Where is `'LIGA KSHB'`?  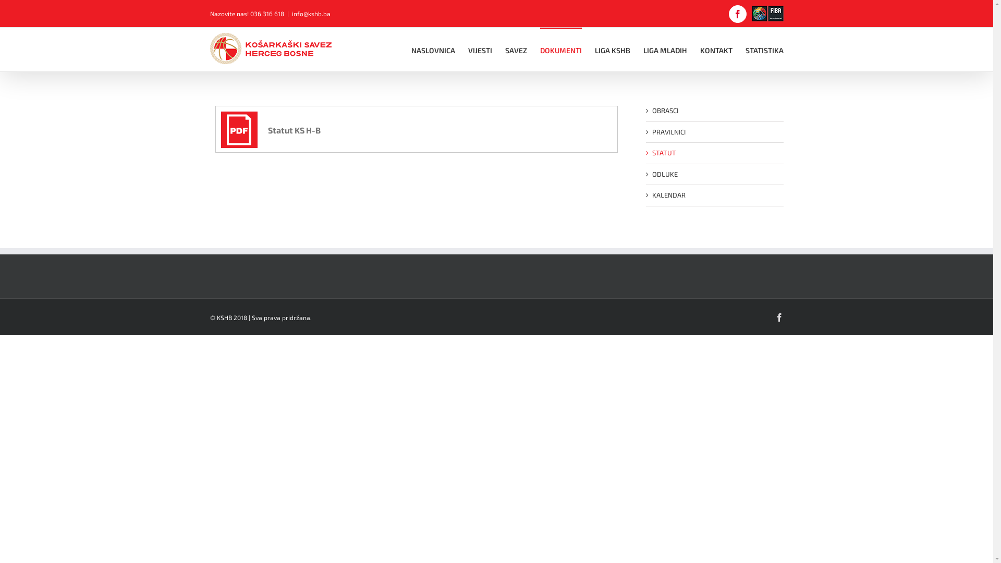
'LIGA KSHB' is located at coordinates (612, 50).